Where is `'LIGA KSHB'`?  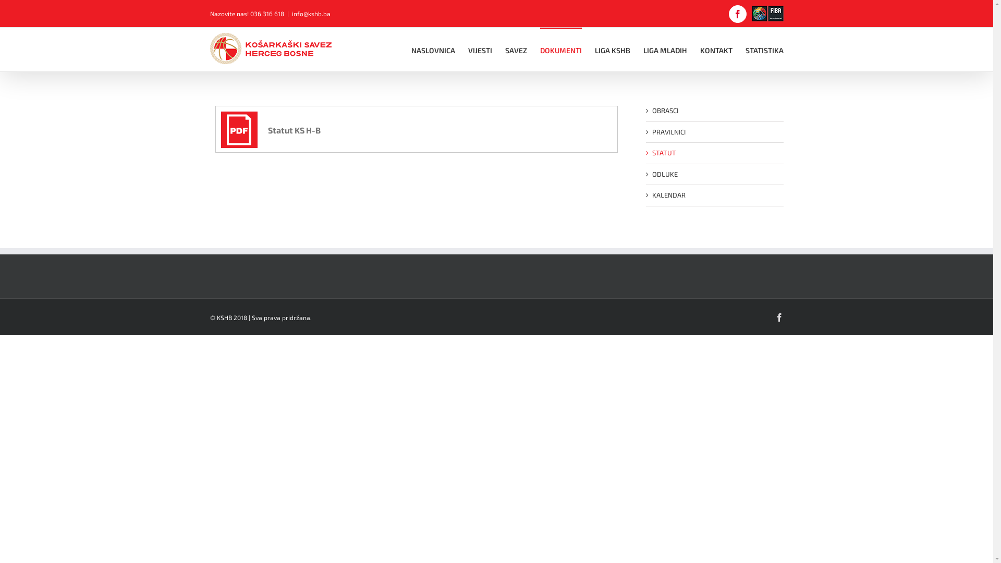
'LIGA KSHB' is located at coordinates (612, 50).